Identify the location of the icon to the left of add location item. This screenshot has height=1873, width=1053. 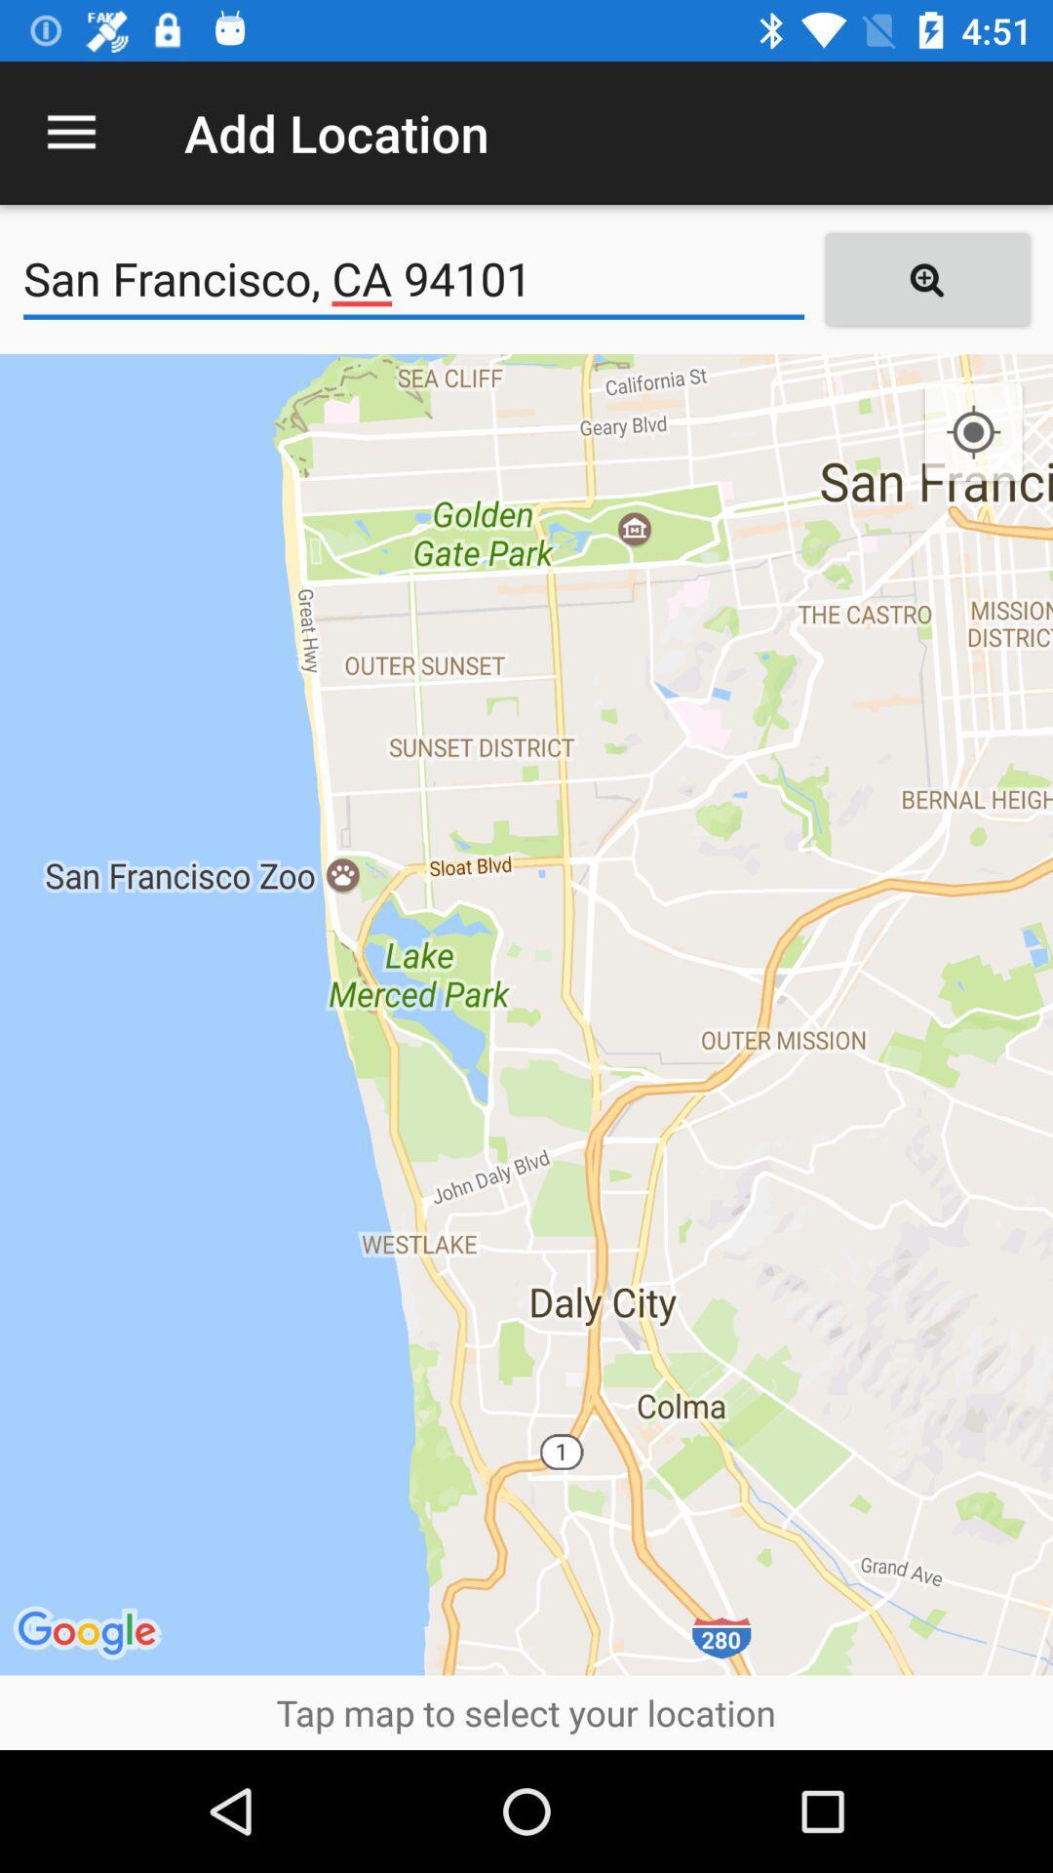
(70, 132).